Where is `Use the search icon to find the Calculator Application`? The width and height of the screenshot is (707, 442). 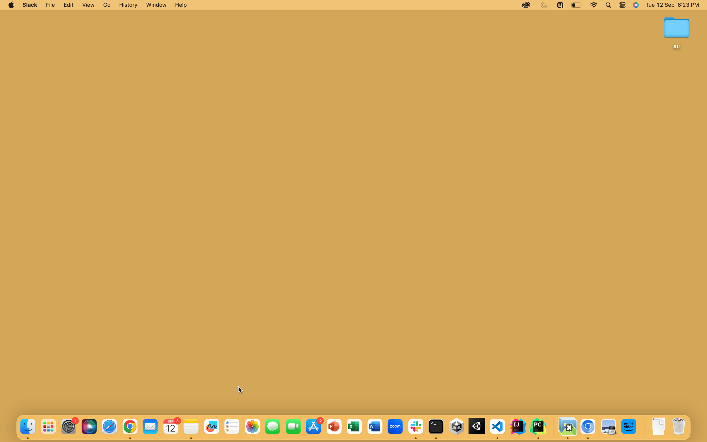
Use the search icon to find the Calculator Application is located at coordinates (608, 5).